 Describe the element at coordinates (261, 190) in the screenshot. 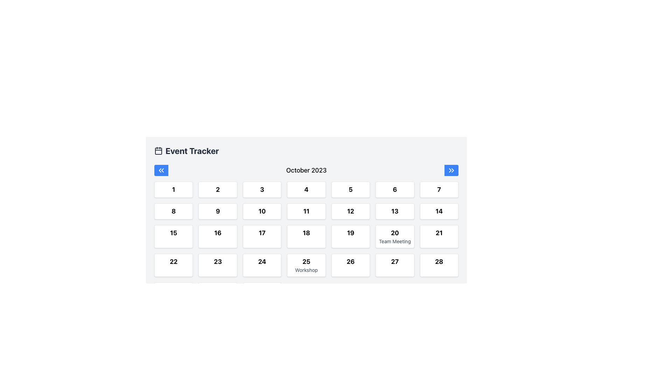

I see `the text label indicating the day number in the calendar, located in the center of the third cell of the first row in a grid layout` at that location.